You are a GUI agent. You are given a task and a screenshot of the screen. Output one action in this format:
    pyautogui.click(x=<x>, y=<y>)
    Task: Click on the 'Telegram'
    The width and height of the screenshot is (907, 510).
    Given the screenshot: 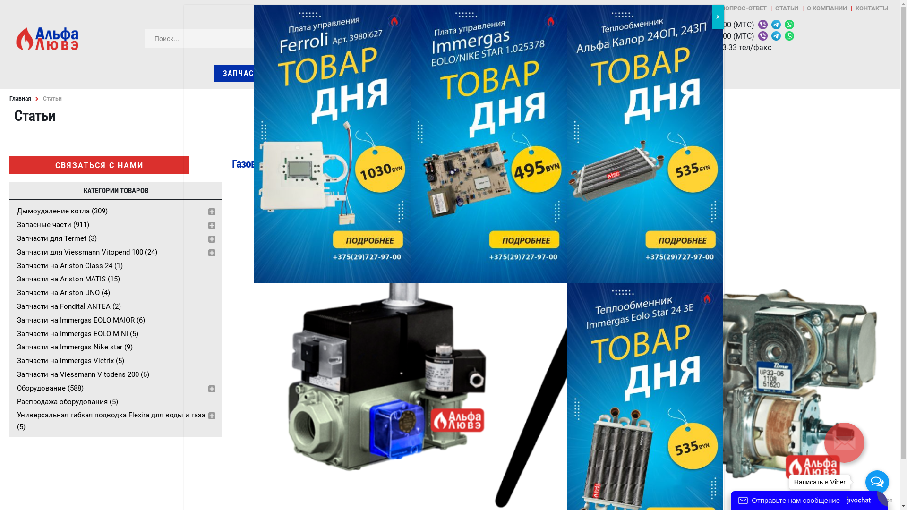 What is the action you would take?
    pyautogui.click(x=775, y=24)
    